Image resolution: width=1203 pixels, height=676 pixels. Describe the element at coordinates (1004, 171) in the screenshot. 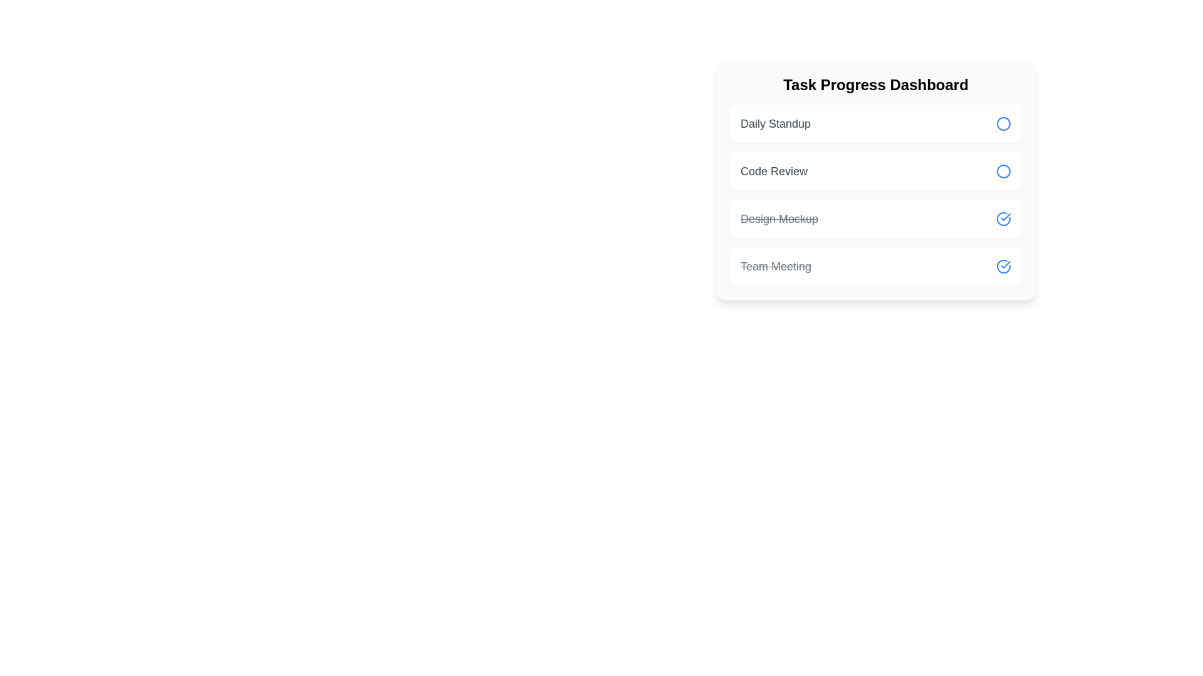

I see `the circular blue outlined button aligned with the 'Code Review' text` at that location.